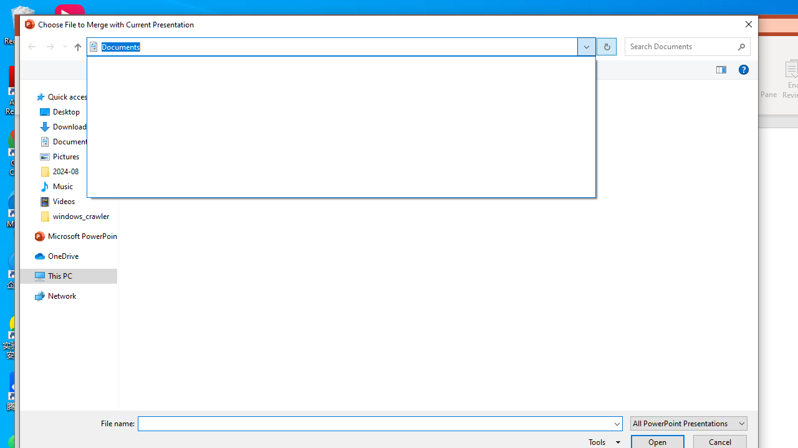 Image resolution: width=798 pixels, height=448 pixels. Describe the element at coordinates (743, 70) in the screenshot. I see `'&Help'` at that location.